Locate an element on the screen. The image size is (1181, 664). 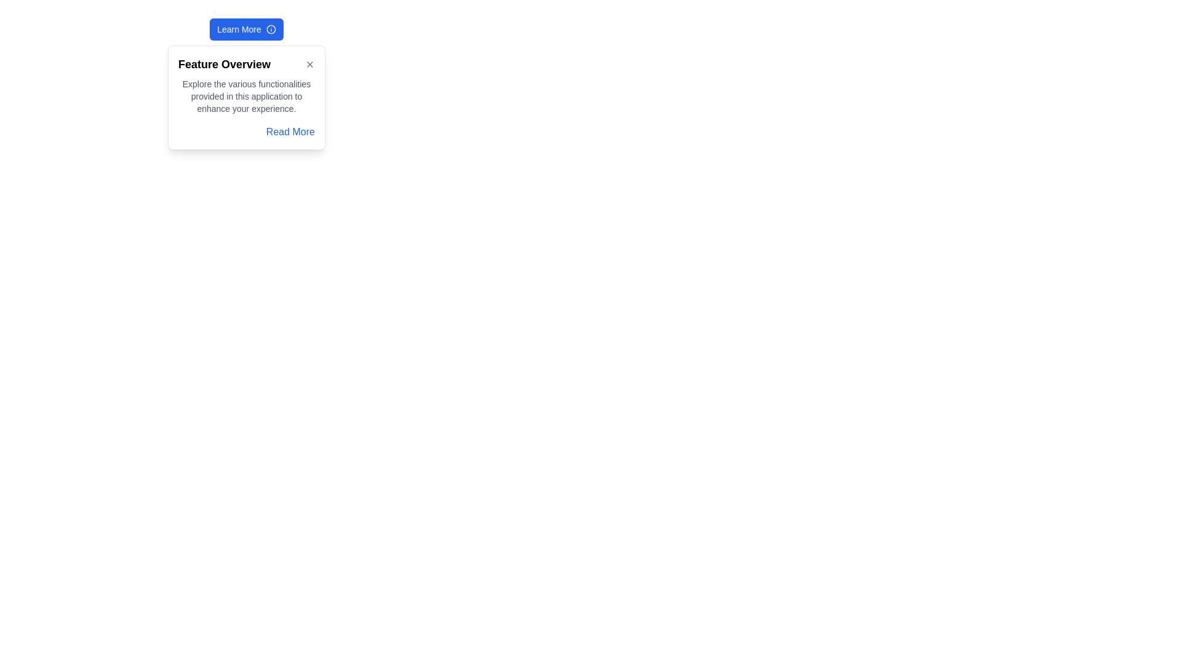
the static text label displaying 'Feature Overview', which is styled as a header at the top of the card UI component is located at coordinates (224, 64).